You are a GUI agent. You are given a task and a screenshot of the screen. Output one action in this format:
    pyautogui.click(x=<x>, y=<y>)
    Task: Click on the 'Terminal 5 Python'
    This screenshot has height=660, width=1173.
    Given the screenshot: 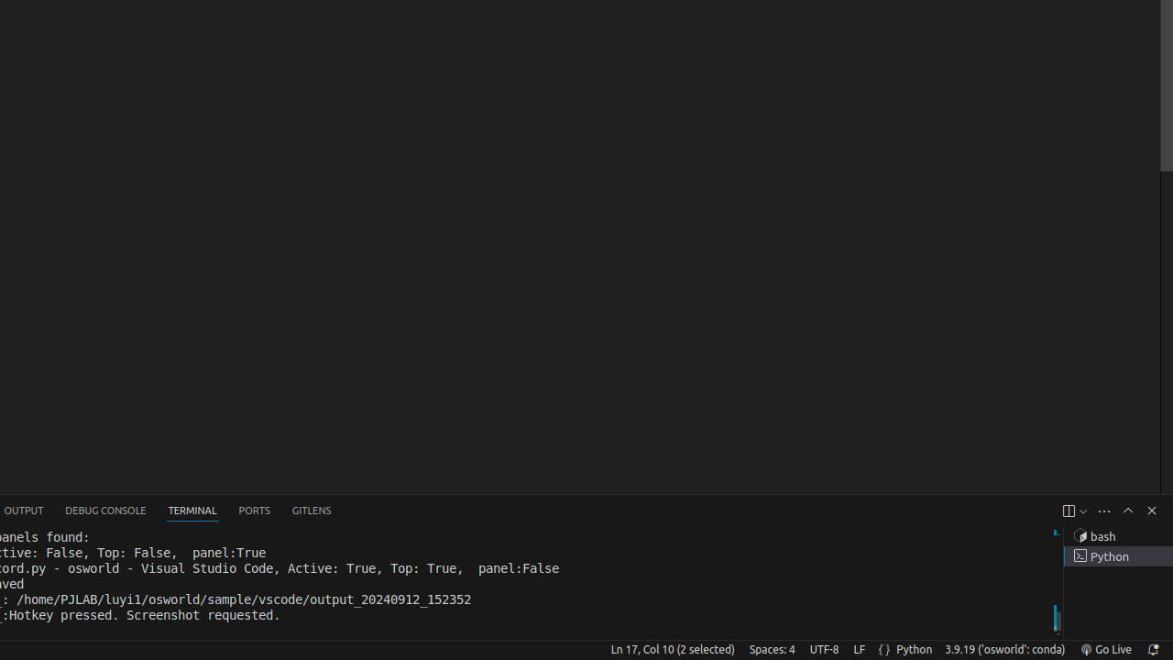 What is the action you would take?
    pyautogui.click(x=1117, y=555)
    